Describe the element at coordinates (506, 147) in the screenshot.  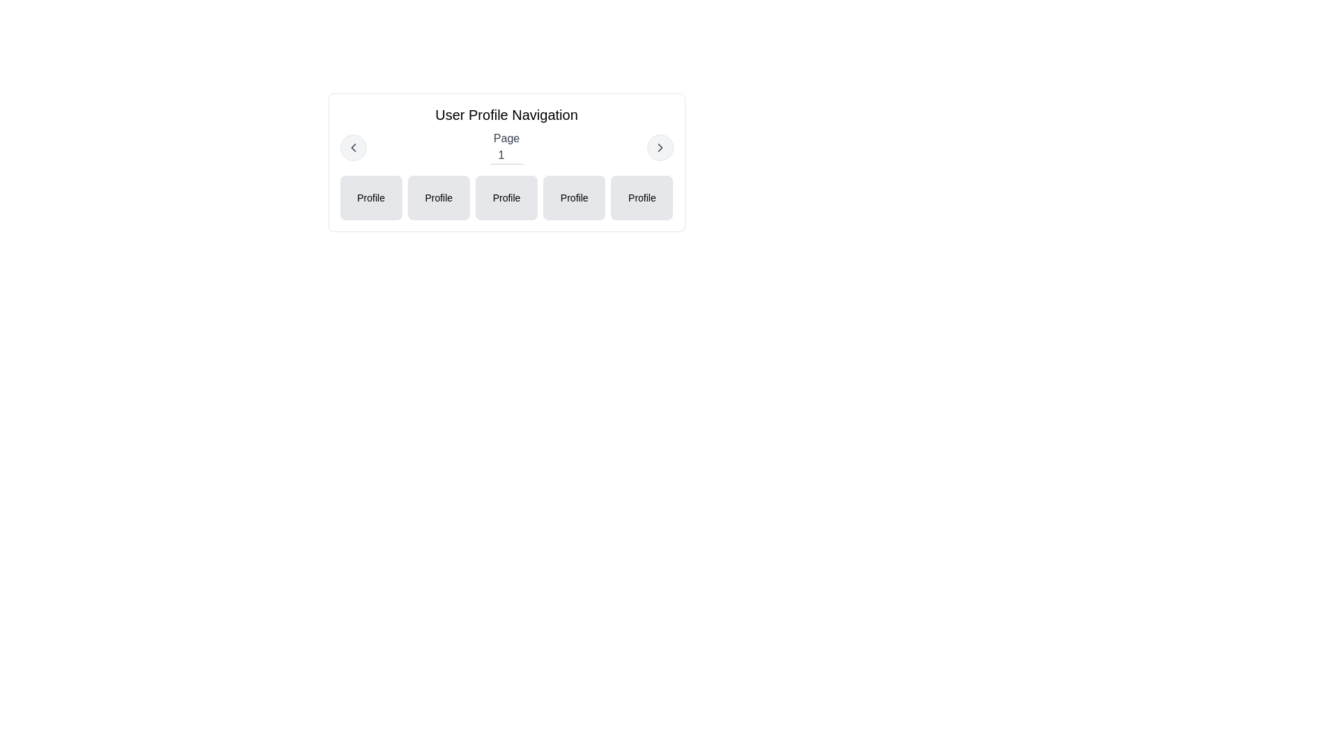
I see `the descriptive text label that signifies the current page title in the pagination system, located centrally between two navigation arrows` at that location.